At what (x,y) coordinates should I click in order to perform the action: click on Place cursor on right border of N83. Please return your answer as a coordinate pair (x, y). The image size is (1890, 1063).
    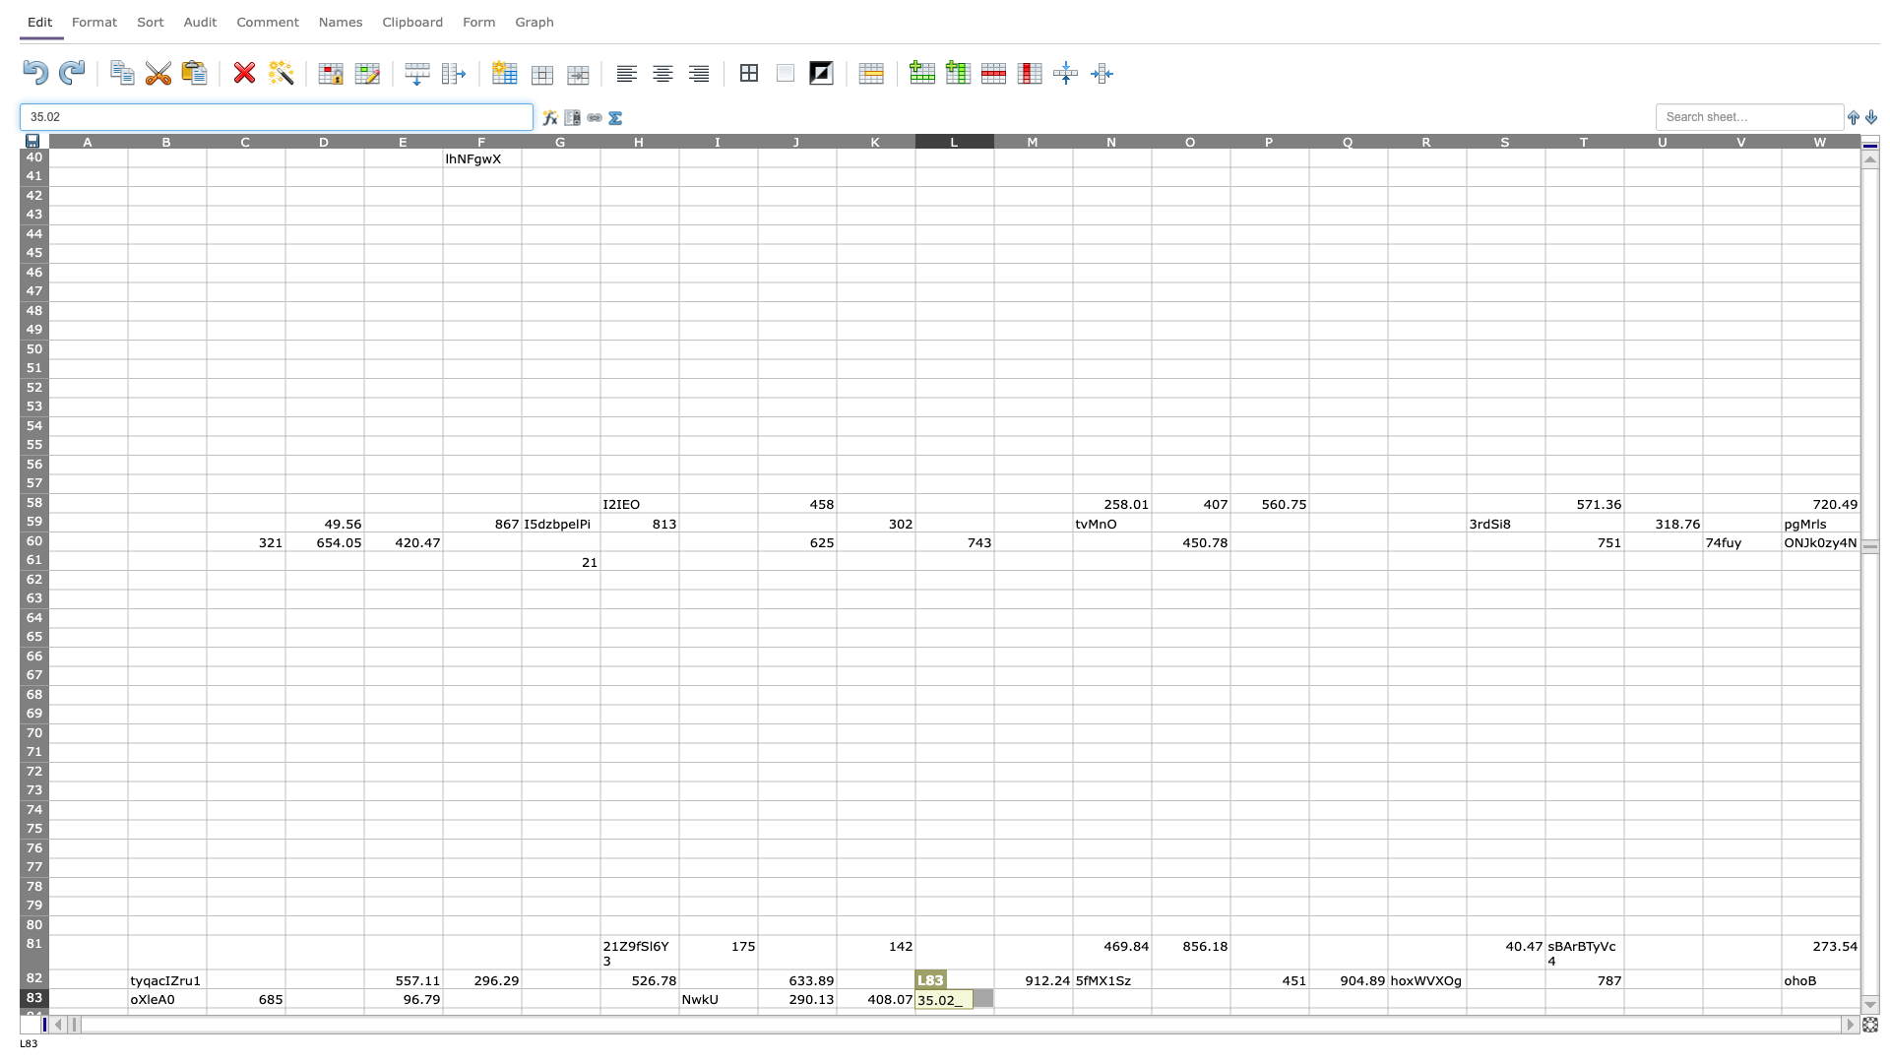
    Looking at the image, I should click on (1152, 998).